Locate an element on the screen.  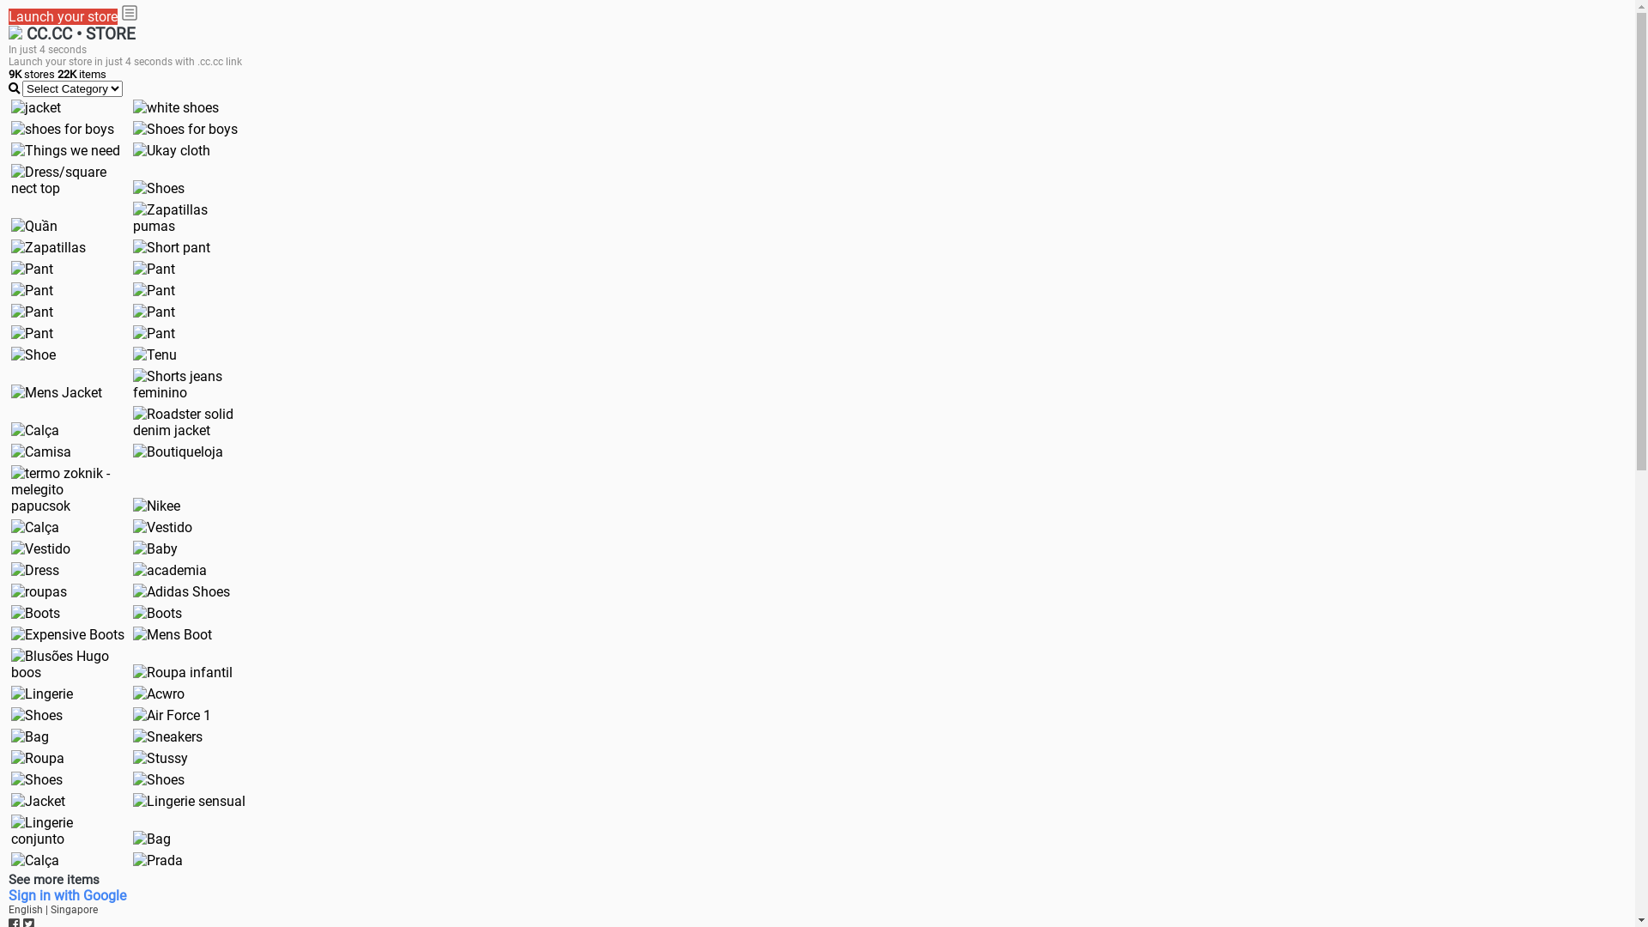
'Vestido' is located at coordinates (40, 548).